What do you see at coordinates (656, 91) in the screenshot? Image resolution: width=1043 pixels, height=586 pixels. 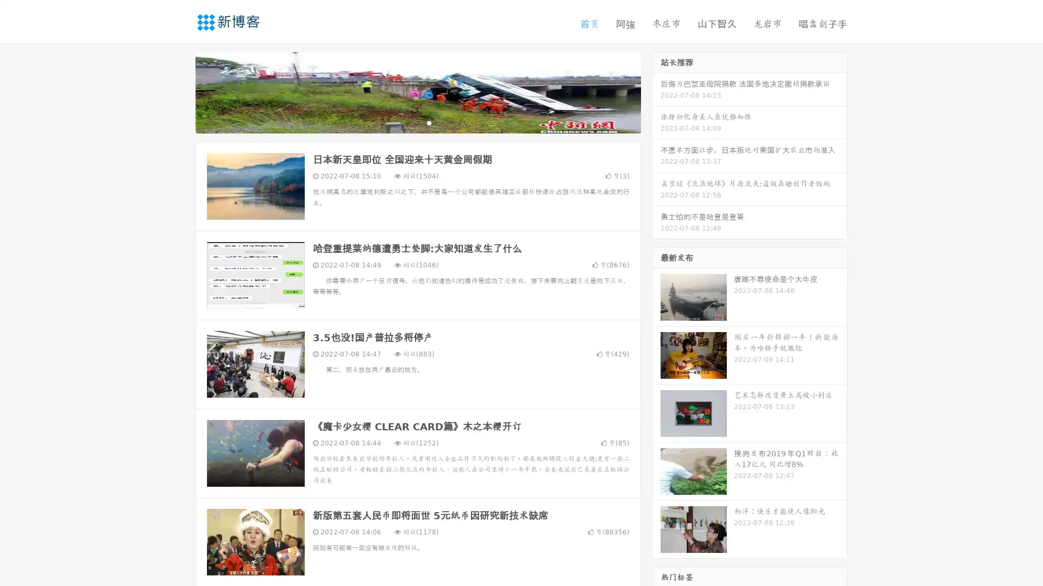 I see `Next slide` at bounding box center [656, 91].